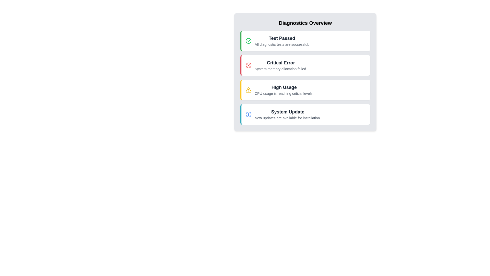  What do you see at coordinates (249, 40) in the screenshot?
I see `the green check mark icon indicating 'Test Passed' in the Diagnostics Overview section` at bounding box center [249, 40].